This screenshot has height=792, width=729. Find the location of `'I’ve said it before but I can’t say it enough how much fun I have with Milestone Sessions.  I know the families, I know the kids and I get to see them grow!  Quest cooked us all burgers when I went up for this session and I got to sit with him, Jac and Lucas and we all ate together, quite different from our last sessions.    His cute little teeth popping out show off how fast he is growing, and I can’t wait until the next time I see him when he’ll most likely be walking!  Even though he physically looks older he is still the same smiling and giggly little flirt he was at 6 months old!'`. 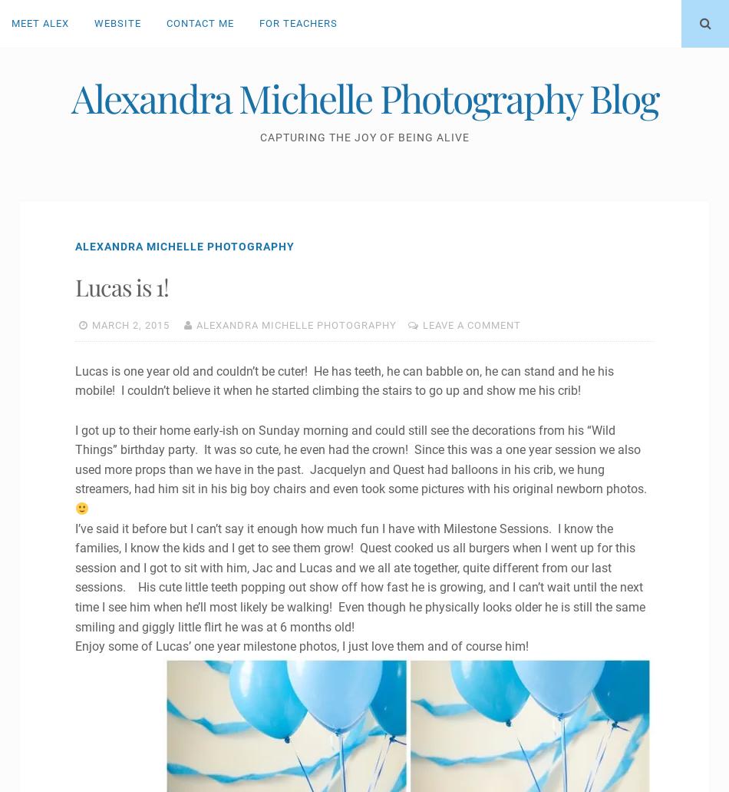

'I’ve said it before but I can’t say it enough how much fun I have with Milestone Sessions.  I know the families, I know the kids and I get to see them grow!  Quest cooked us all burgers when I went up for this session and I got to sit with him, Jac and Lucas and we all ate together, quite different from our last sessions.    His cute little teeth popping out show off how fast he is growing, and I can’t wait until the next time I see him when he’ll most likely be walking!  Even though he physically looks older he is still the same smiling and giggly little flirt he was at 6 months old!' is located at coordinates (358, 576).